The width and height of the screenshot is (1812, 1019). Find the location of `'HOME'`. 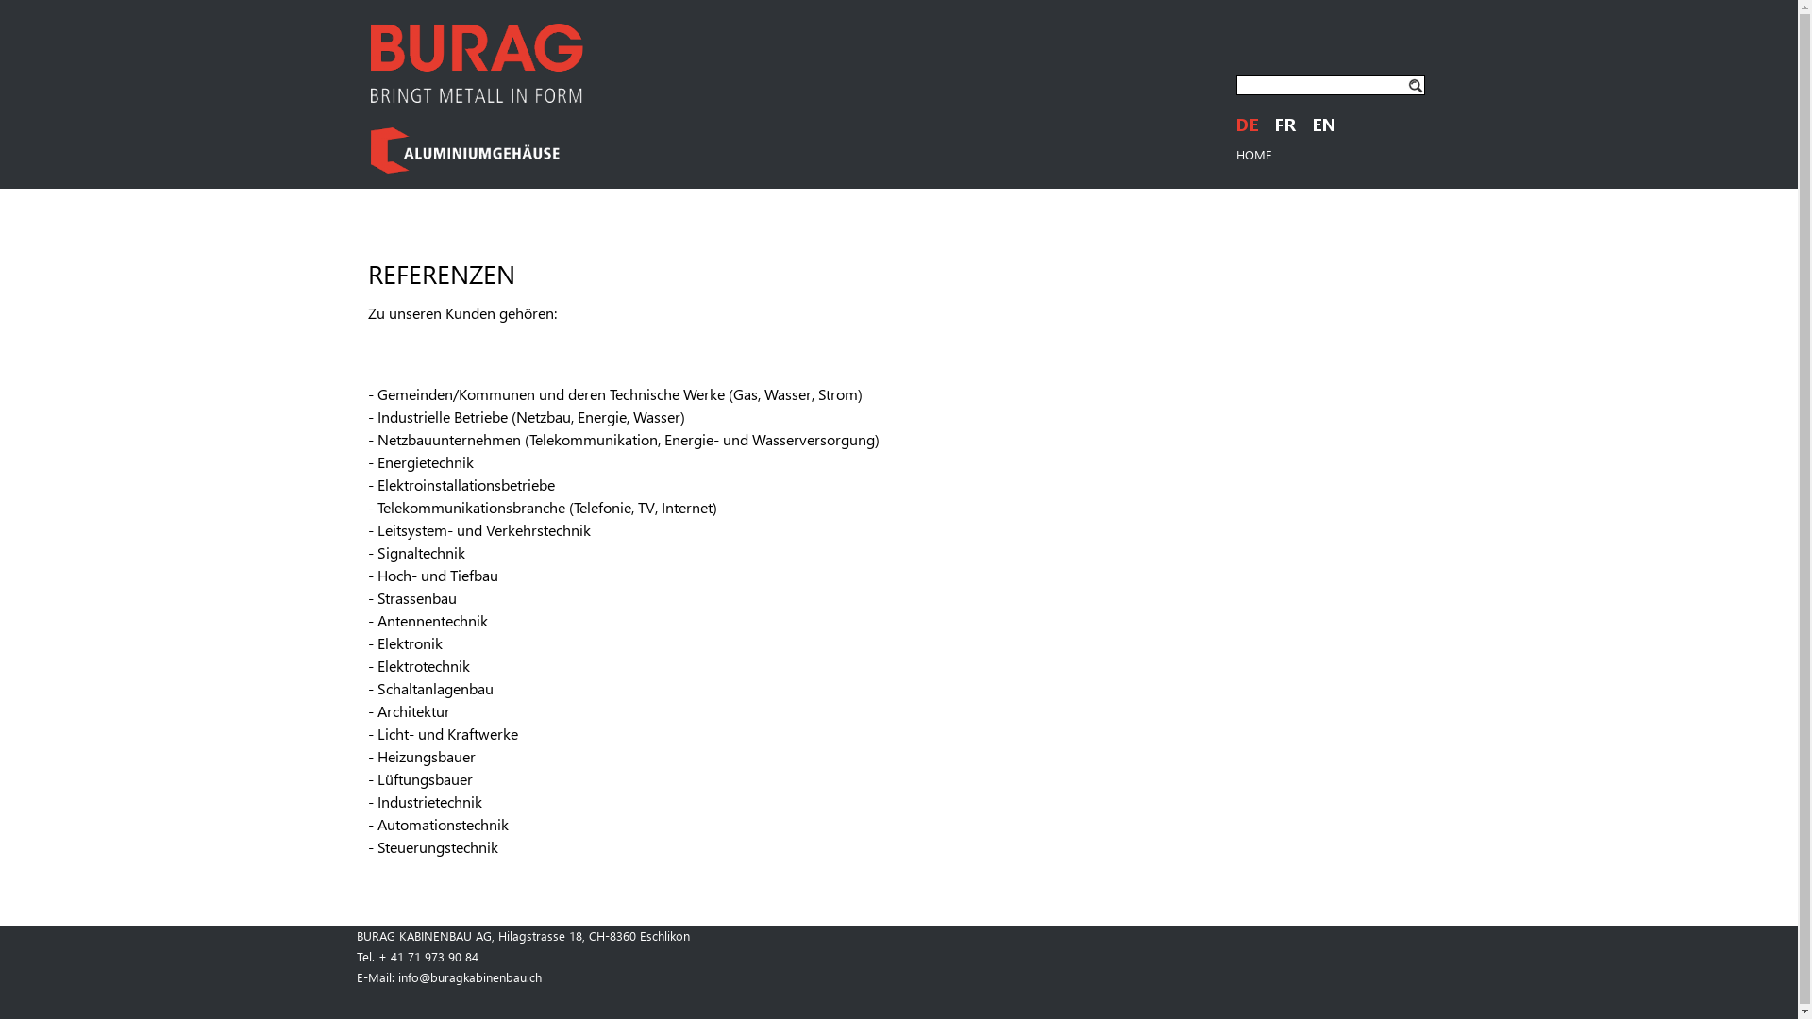

'HOME' is located at coordinates (1254, 153).